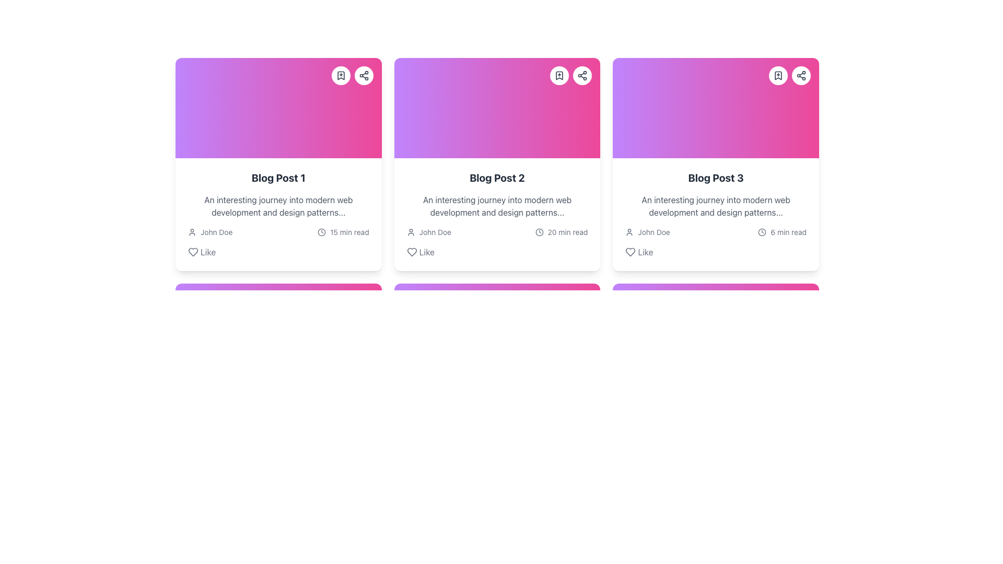 The height and width of the screenshot is (564, 1003). I want to click on the circular button with a white background and a bookmark icon, located in the top-right corner of the card labeled 'Blog Post 3', so click(778, 75).